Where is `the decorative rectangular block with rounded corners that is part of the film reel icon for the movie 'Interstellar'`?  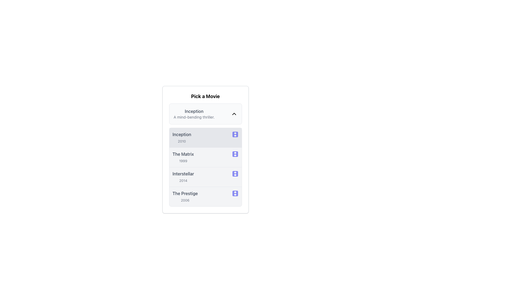
the decorative rectangular block with rounded corners that is part of the film reel icon for the movie 'Interstellar' is located at coordinates (235, 174).